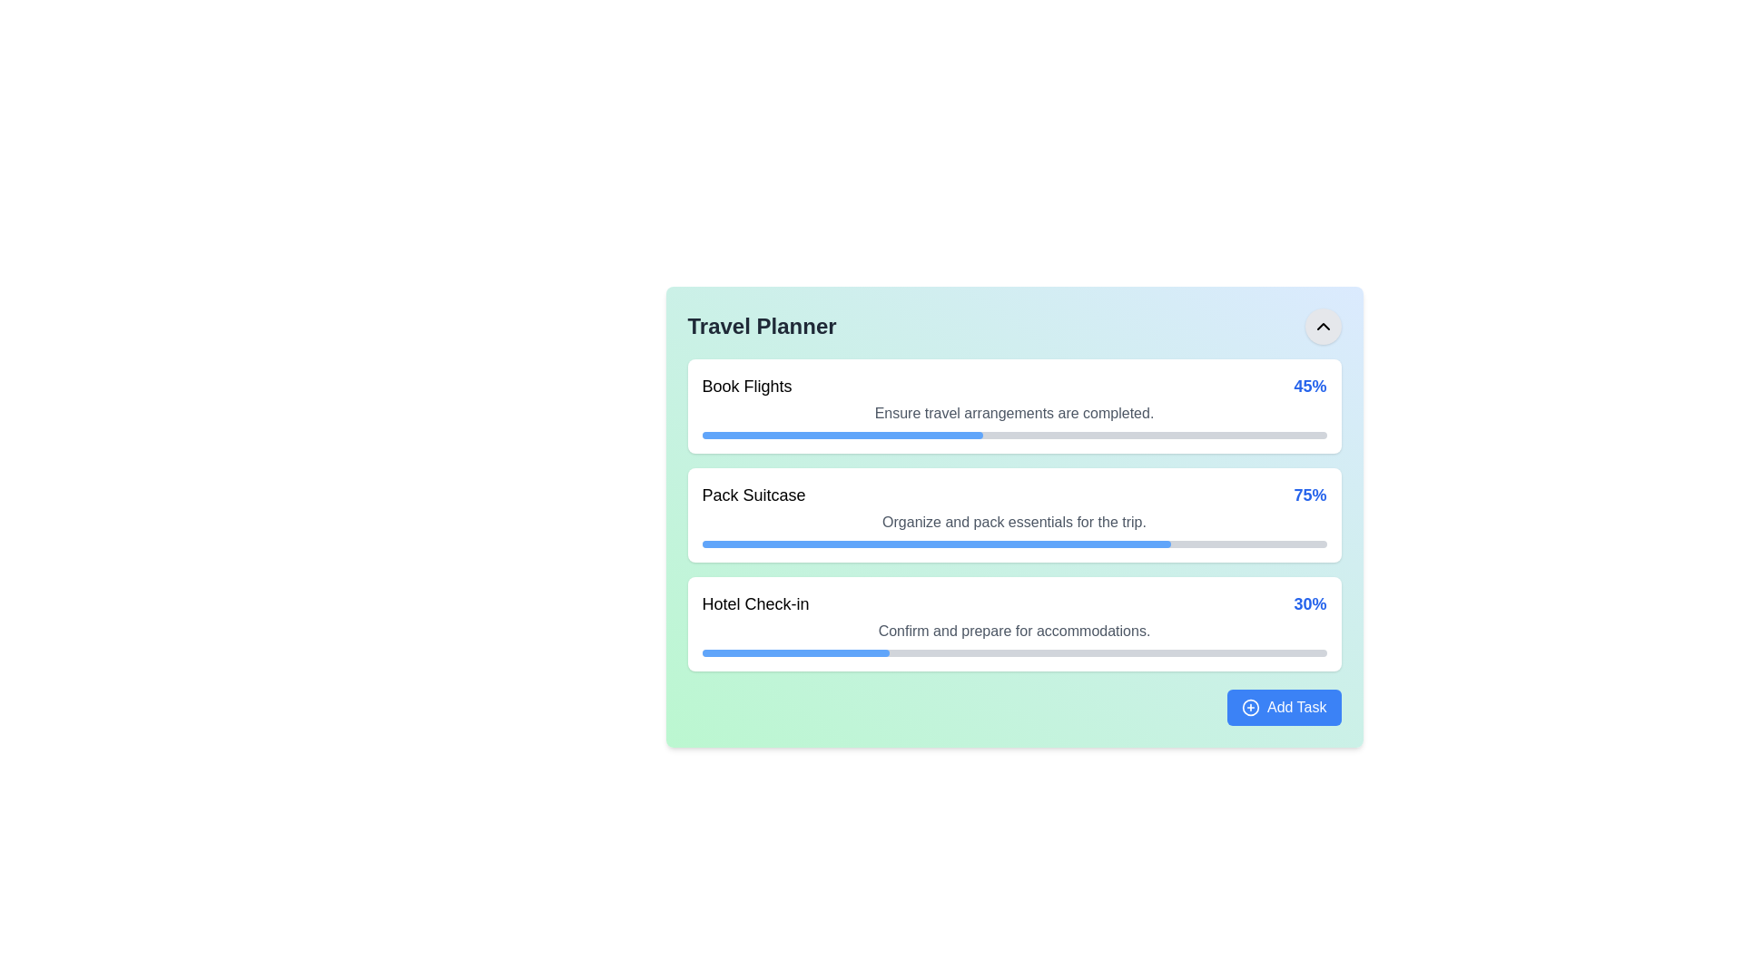  I want to click on the Task progress card for 'Pack Suitcase', so click(1013, 514).